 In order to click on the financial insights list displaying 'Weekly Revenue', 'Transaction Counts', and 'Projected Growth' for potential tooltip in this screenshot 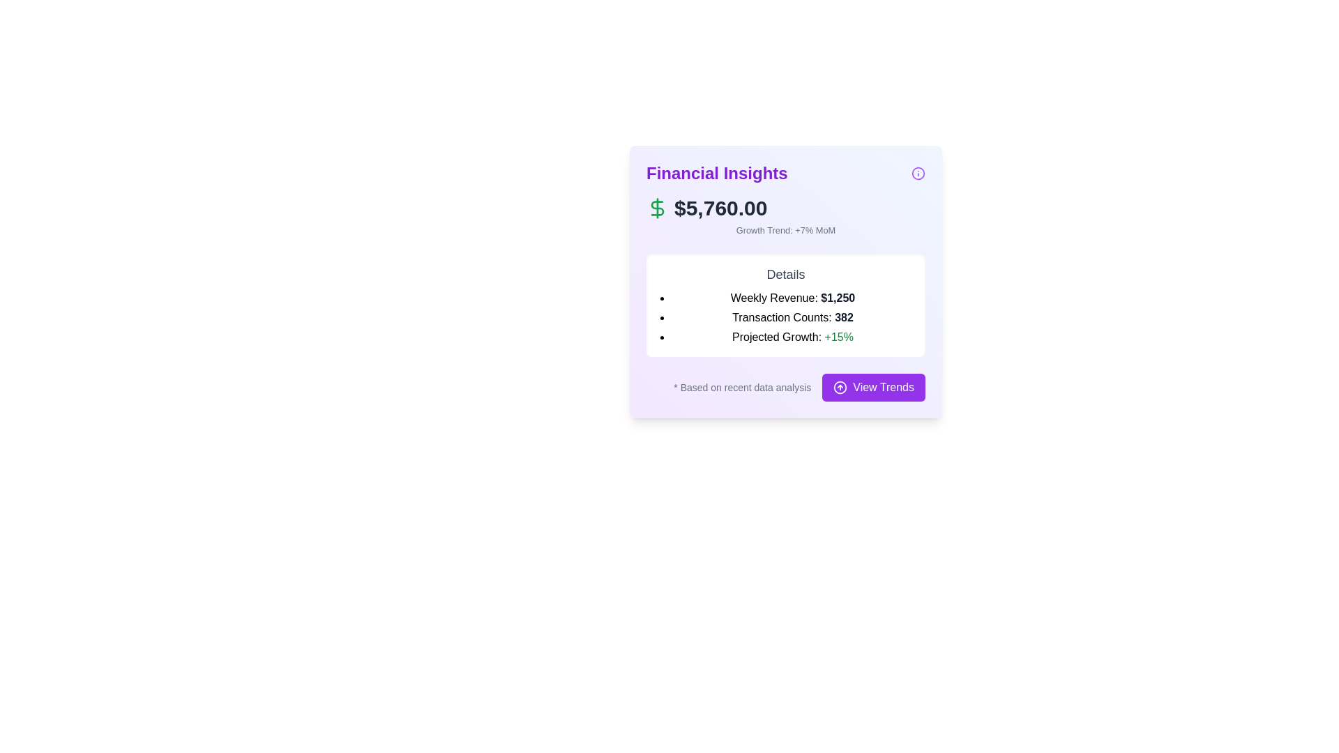, I will do `click(786, 317)`.